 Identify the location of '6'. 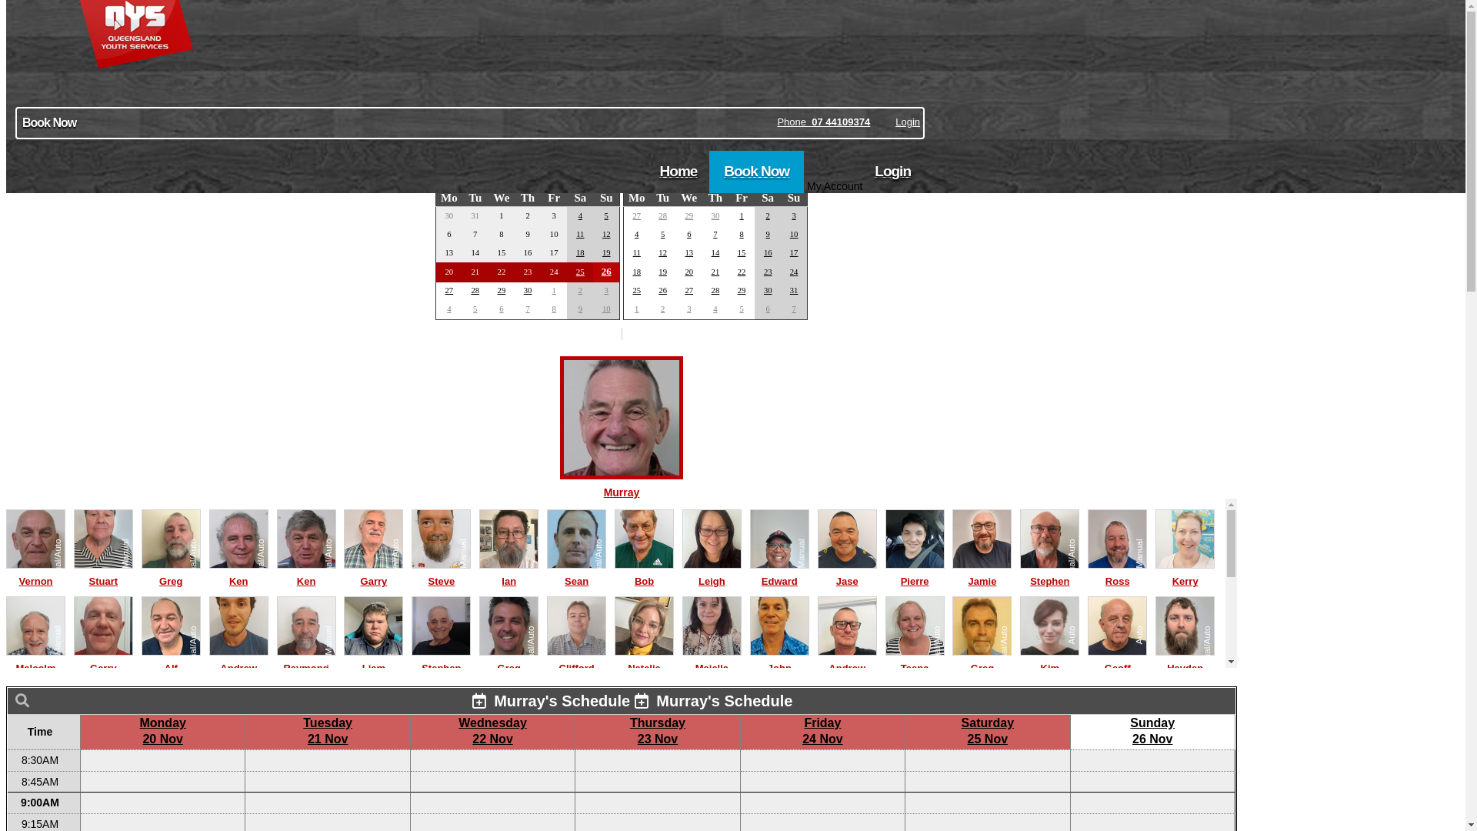
(766, 309).